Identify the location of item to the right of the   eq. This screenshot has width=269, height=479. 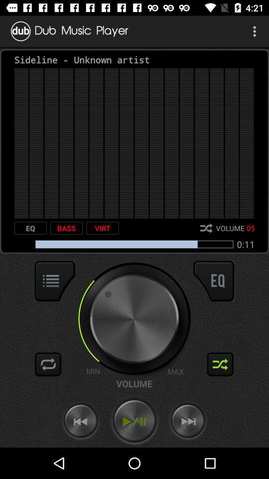
(66, 228).